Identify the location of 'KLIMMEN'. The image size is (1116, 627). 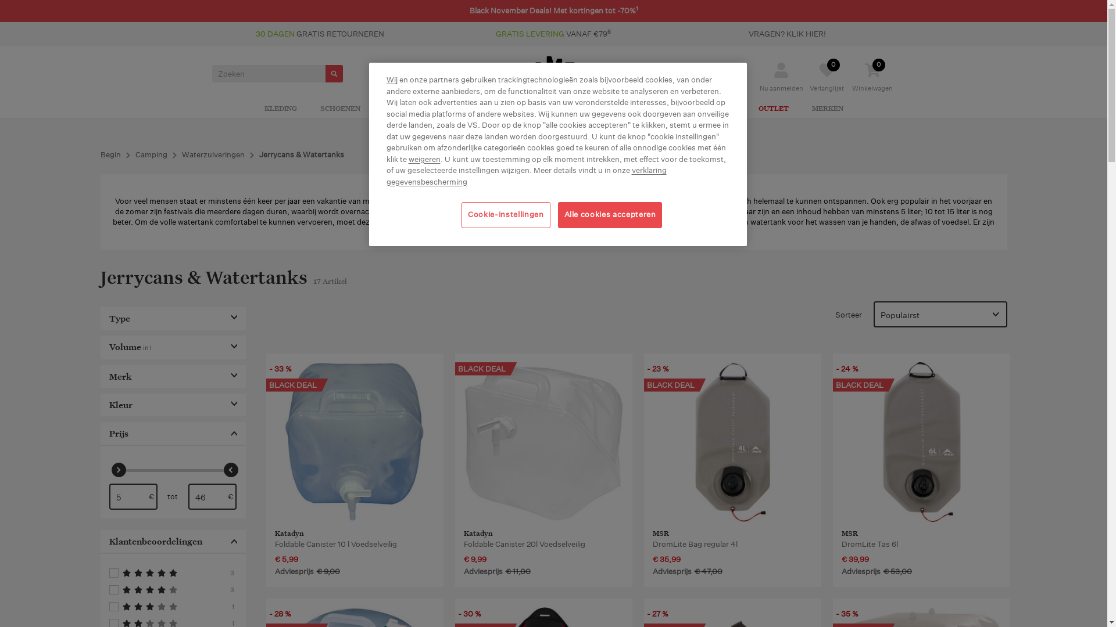
(526, 109).